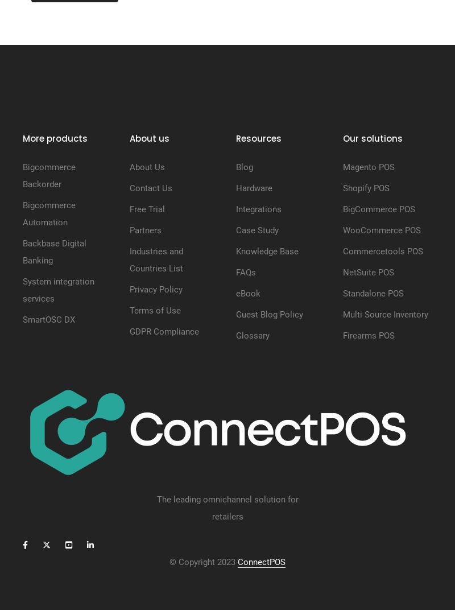  Describe the element at coordinates (246, 272) in the screenshot. I see `'FAQs'` at that location.